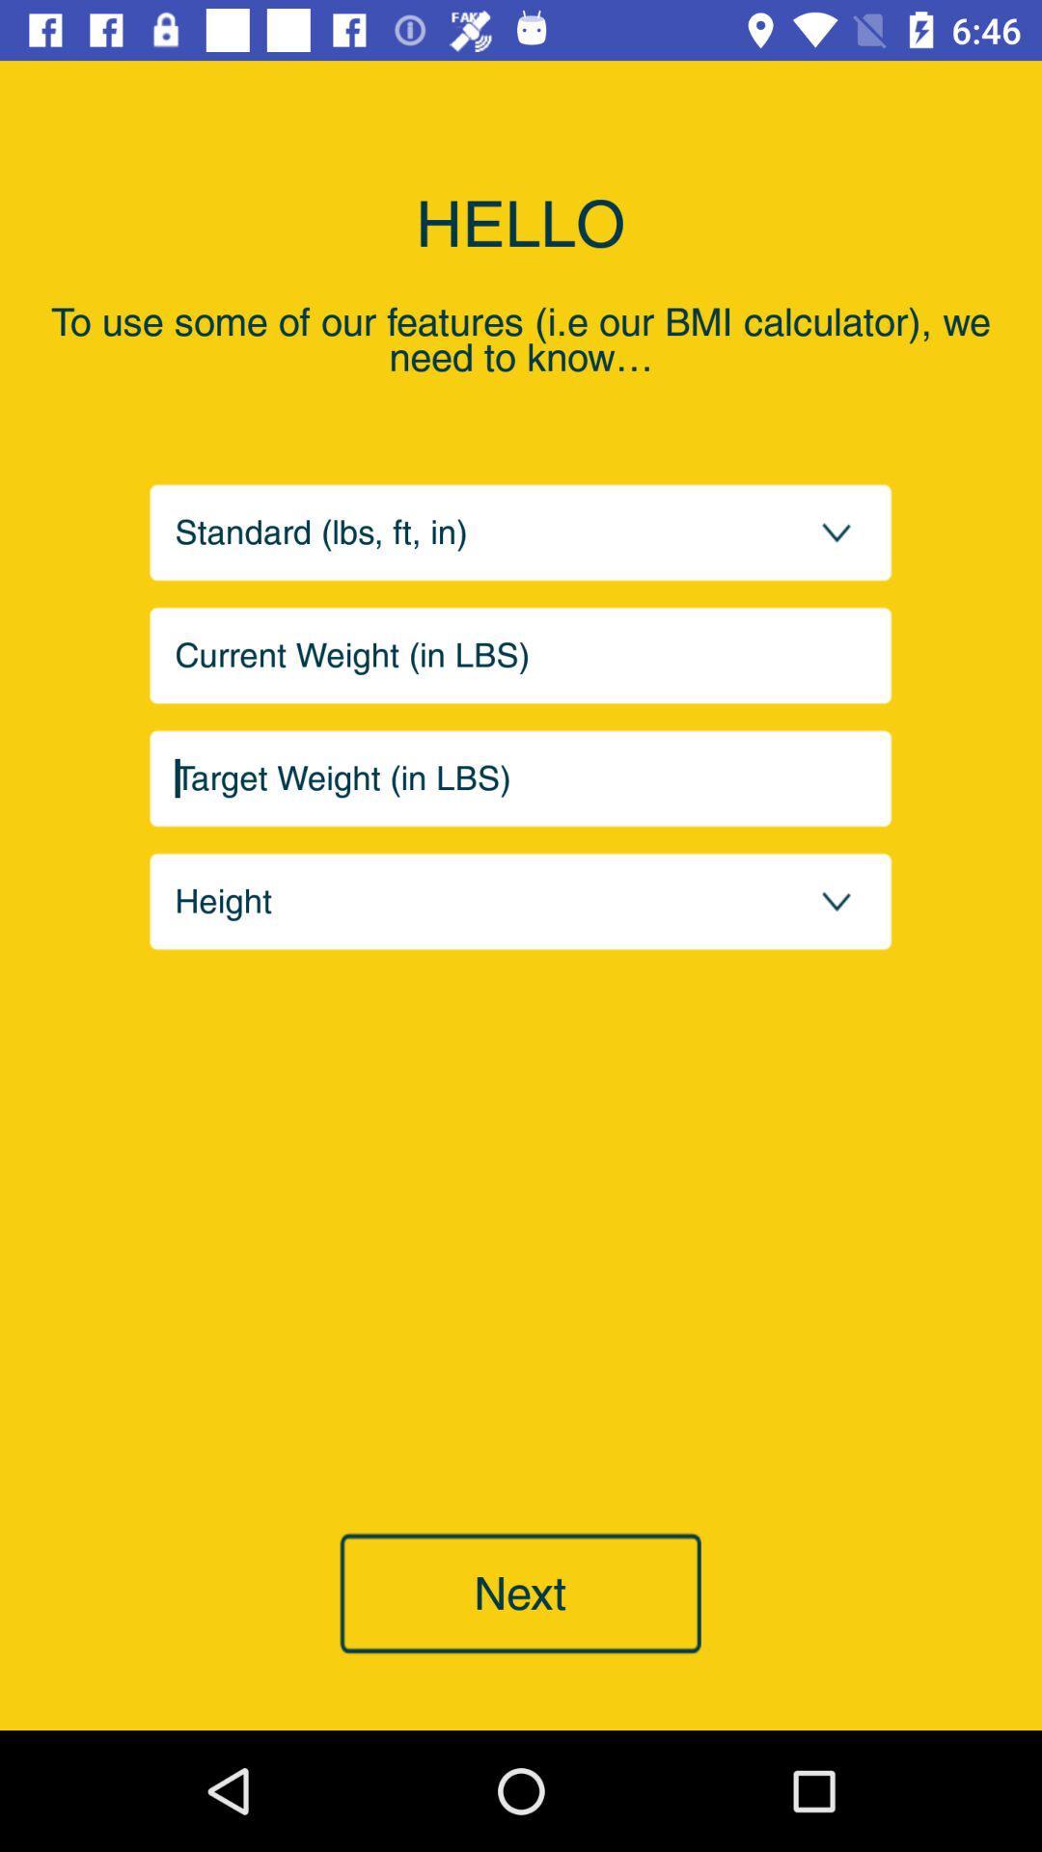  Describe the element at coordinates (521, 778) in the screenshot. I see `target weight in lbs` at that location.